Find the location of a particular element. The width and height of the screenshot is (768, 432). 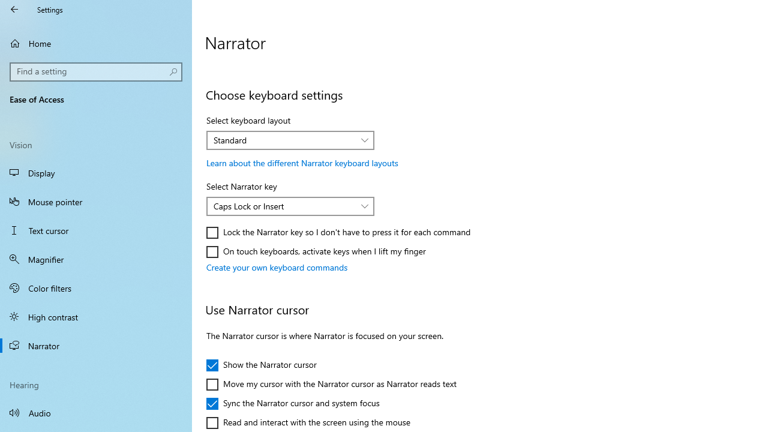

'Standard' is located at coordinates (283, 139).